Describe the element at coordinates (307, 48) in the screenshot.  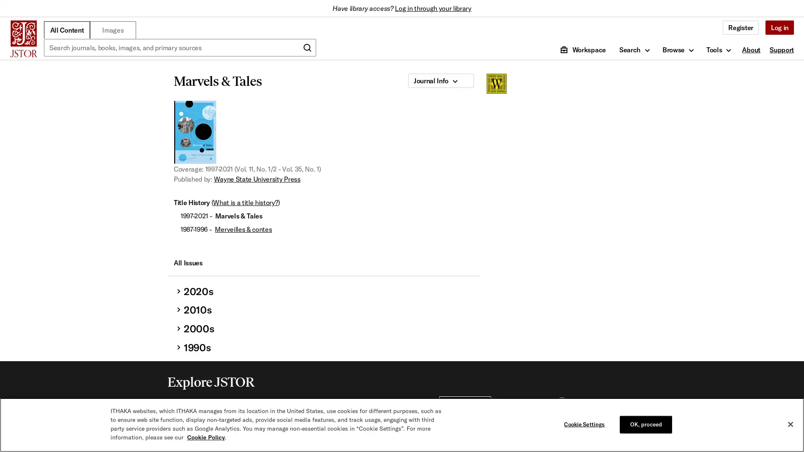
I see `Submit search` at that location.